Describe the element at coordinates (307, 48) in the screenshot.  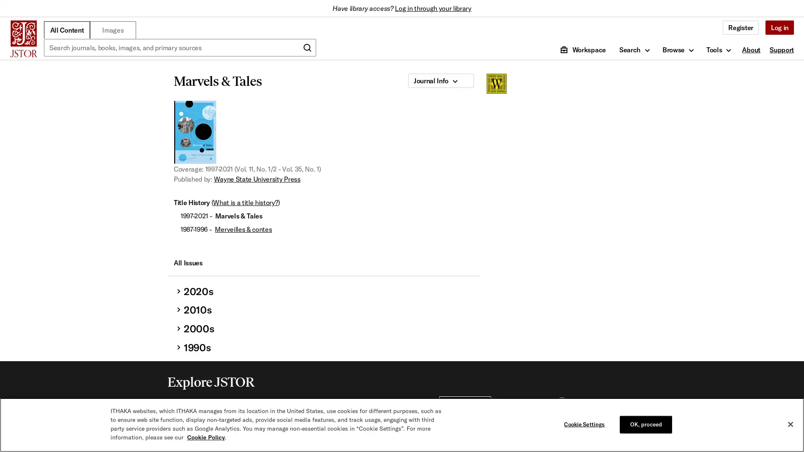
I see `Submit search` at that location.